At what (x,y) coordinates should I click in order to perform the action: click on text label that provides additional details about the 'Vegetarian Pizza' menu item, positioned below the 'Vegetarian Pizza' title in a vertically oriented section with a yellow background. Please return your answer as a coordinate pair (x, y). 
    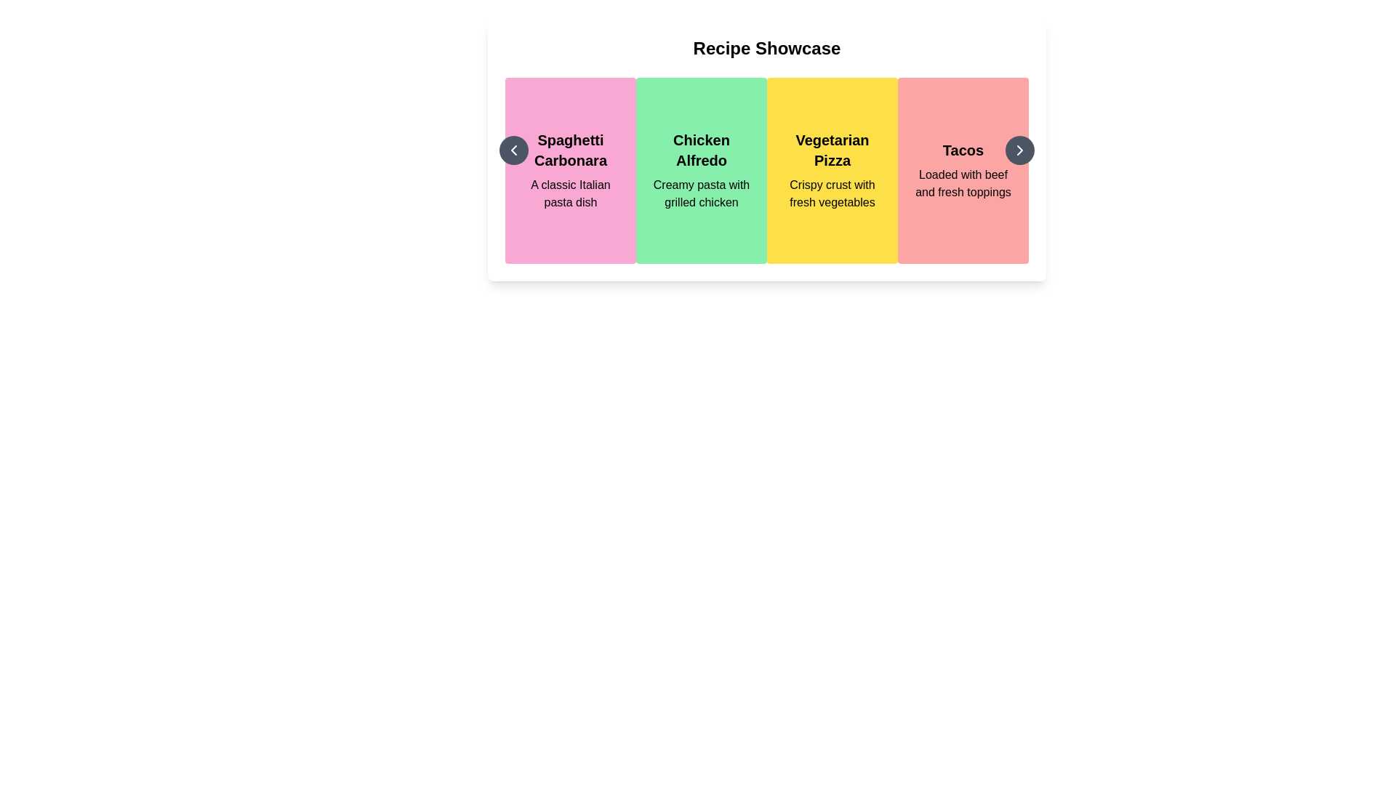
    Looking at the image, I should click on (833, 193).